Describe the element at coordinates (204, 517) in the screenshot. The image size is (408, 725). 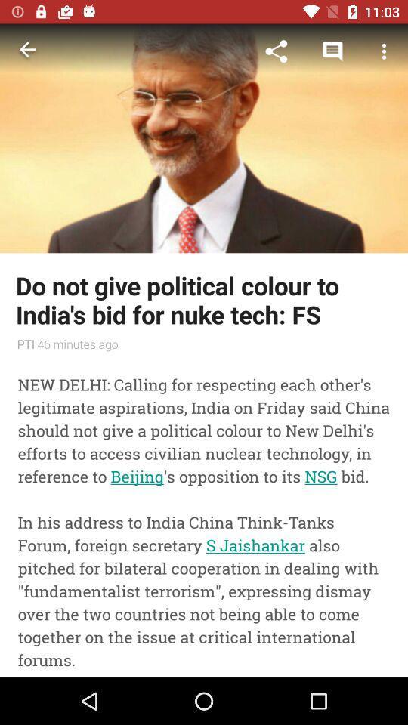
I see `new delhi calling icon` at that location.